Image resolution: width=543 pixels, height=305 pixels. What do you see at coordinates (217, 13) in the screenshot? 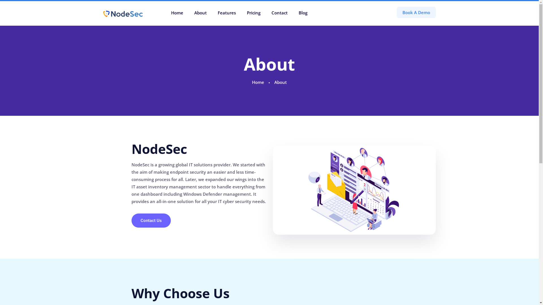
I see `'Features'` at bounding box center [217, 13].